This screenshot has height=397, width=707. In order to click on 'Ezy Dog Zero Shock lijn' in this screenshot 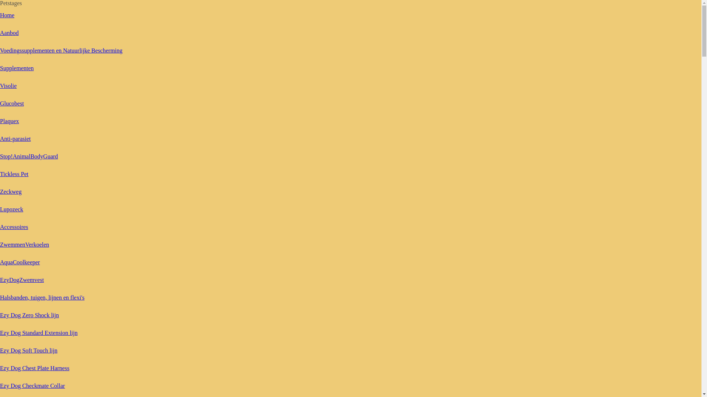, I will do `click(0, 315)`.